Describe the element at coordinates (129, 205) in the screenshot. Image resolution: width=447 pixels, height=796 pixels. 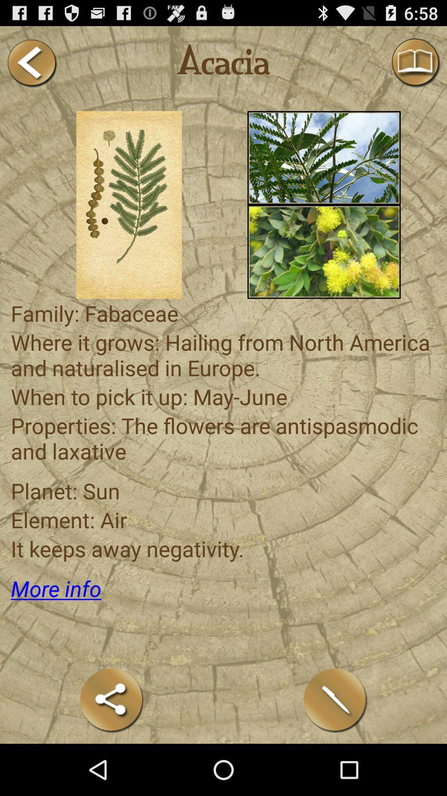
I see `picker` at that location.